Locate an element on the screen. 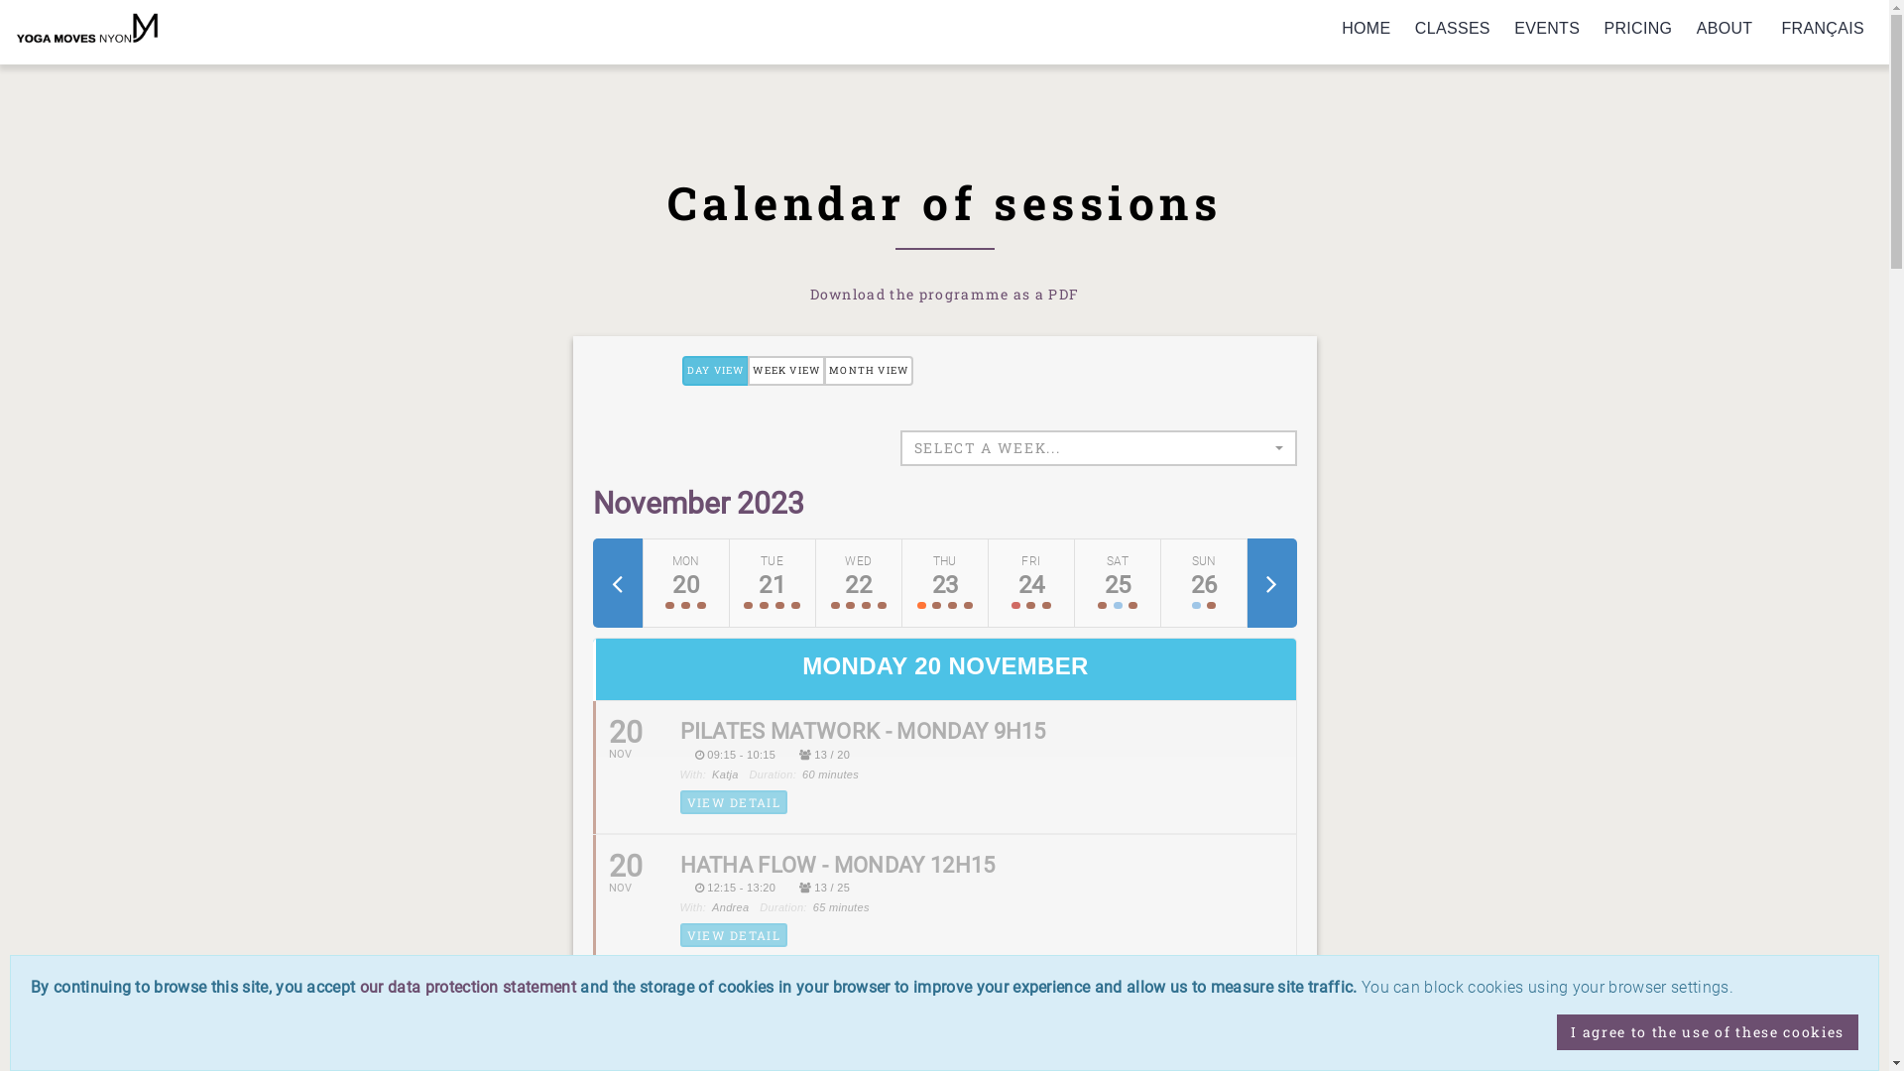  'ABOUT' is located at coordinates (1724, 29).